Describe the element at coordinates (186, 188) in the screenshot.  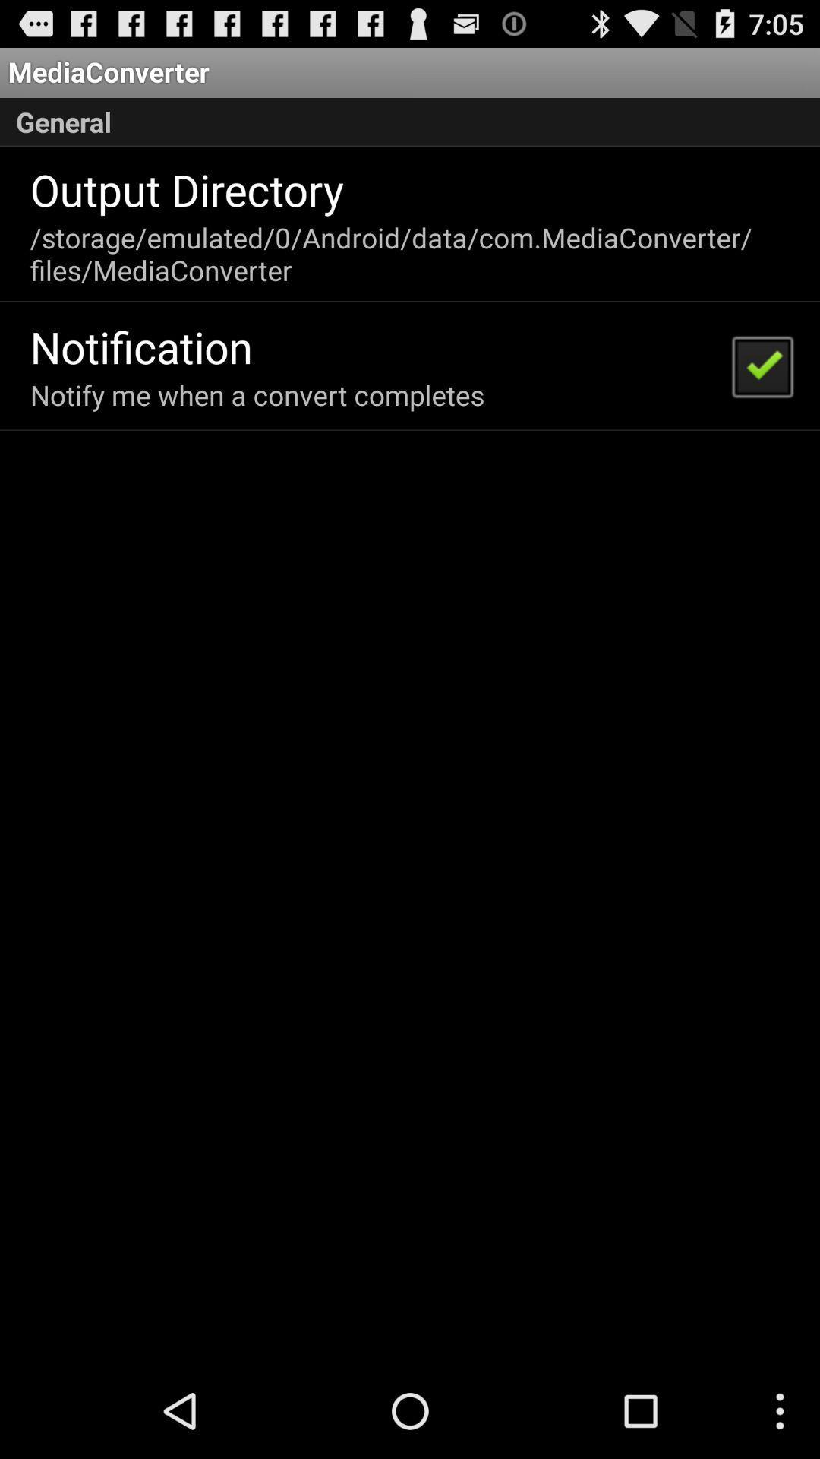
I see `icon below the general` at that location.